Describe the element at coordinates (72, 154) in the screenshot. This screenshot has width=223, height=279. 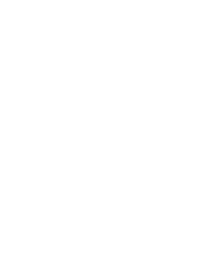
I see `'Clive Young'` at that location.